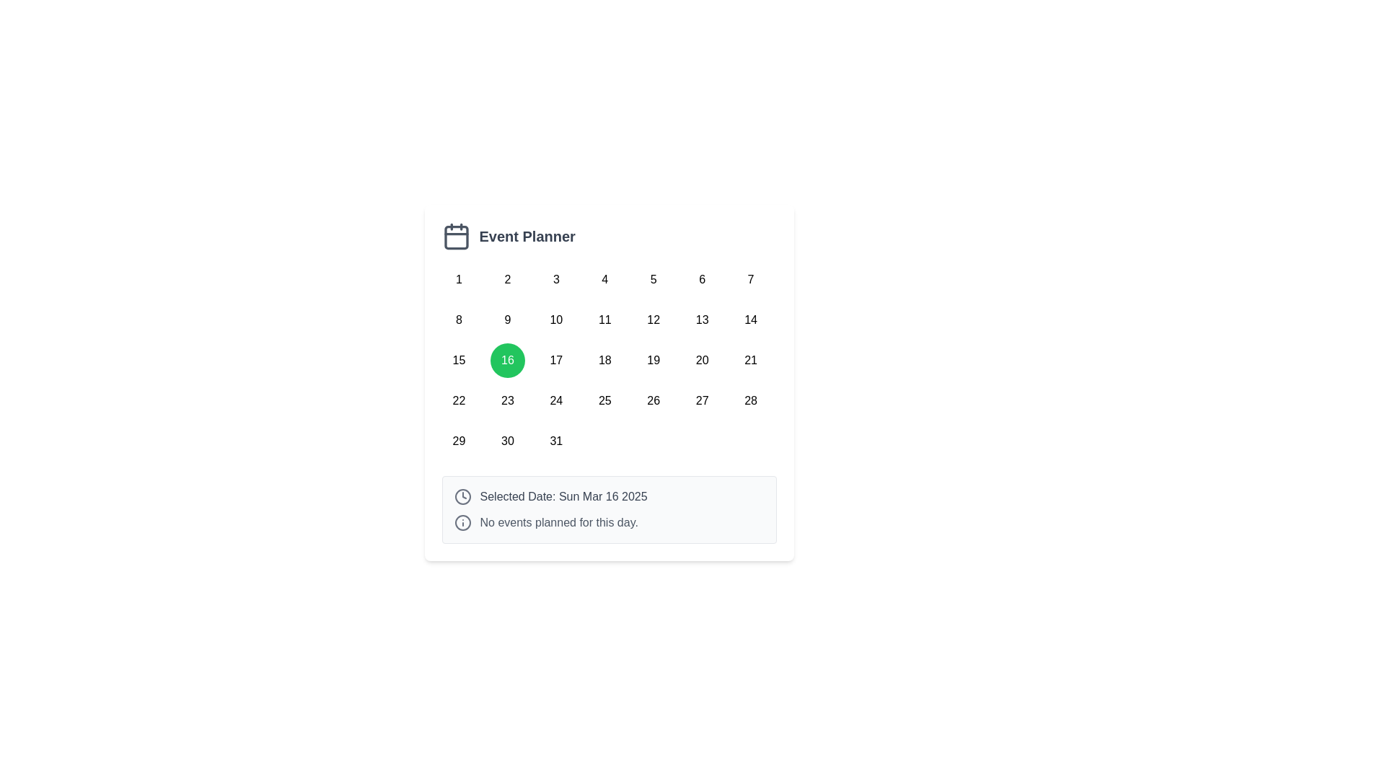 This screenshot has height=779, width=1385. I want to click on the calendar date button located in the 'Event Planner' section, specifically the seventh item in the second row of the date grid, so click(702, 319).